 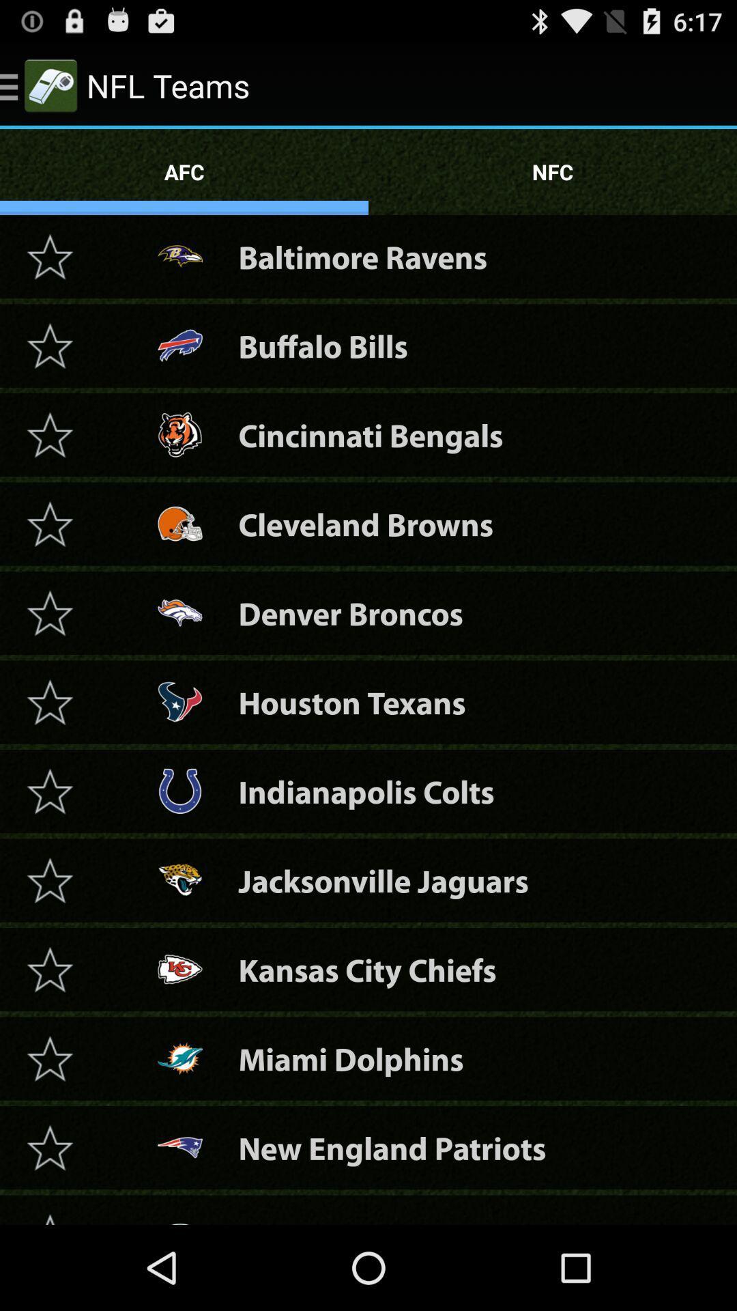 What do you see at coordinates (365, 791) in the screenshot?
I see `the icon below houston texans` at bounding box center [365, 791].